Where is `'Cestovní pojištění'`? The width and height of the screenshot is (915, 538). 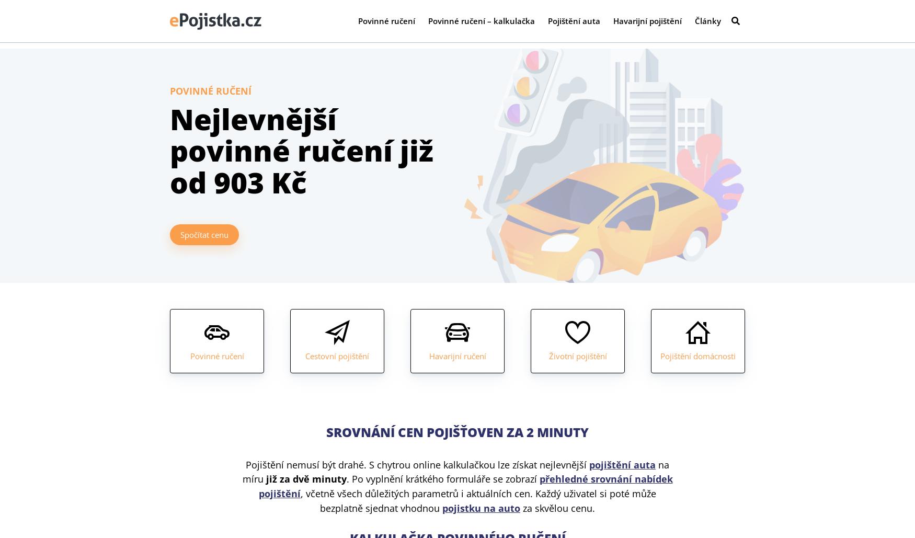 'Cestovní pojištění' is located at coordinates (337, 354).